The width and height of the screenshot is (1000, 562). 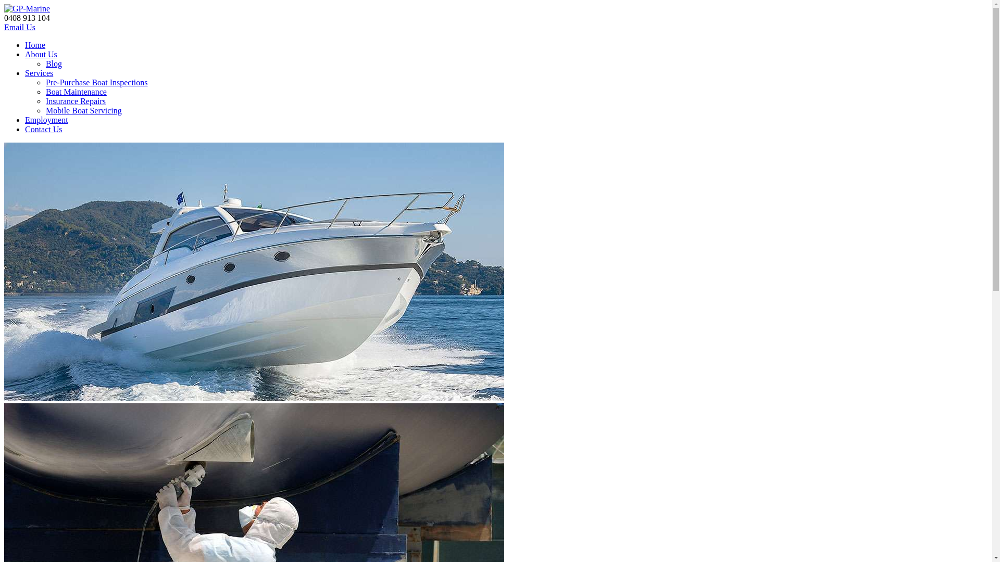 I want to click on 'Boat Maintenance', so click(x=76, y=91).